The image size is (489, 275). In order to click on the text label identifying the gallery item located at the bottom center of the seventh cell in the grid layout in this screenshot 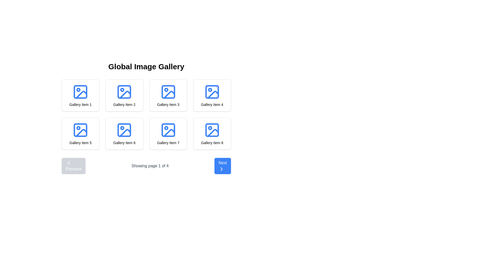, I will do `click(168, 143)`.